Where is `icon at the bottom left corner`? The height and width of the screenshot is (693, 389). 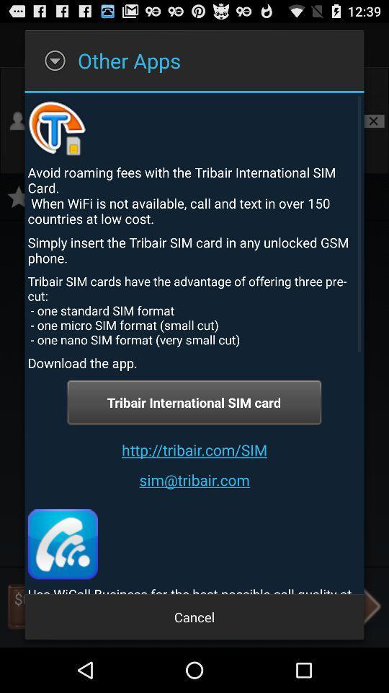
icon at the bottom left corner is located at coordinates (62, 543).